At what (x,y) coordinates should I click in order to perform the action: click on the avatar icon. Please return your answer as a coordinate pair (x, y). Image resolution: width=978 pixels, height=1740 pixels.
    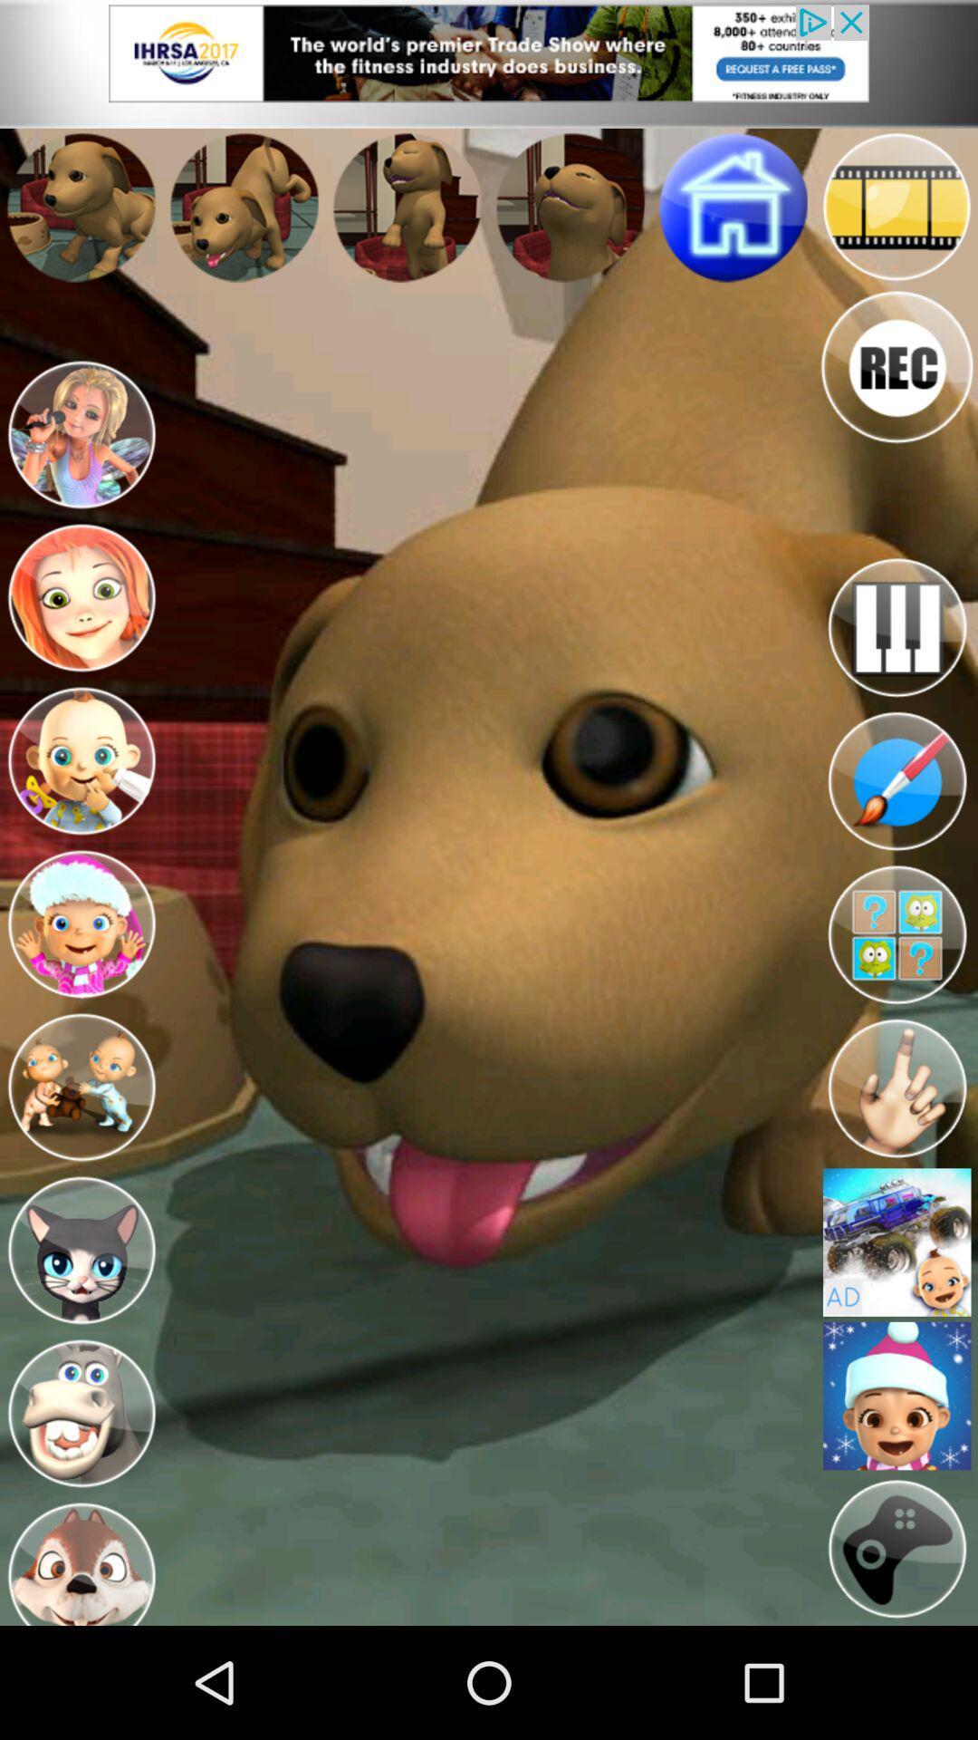
    Looking at the image, I should click on (80, 988).